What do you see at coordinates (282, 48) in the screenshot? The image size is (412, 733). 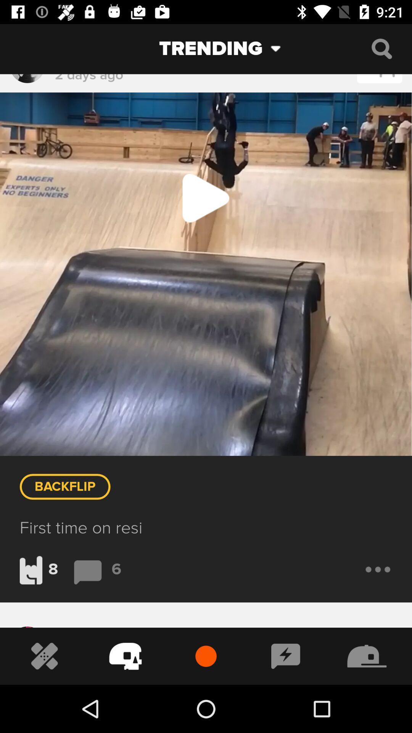 I see `the expand_more icon` at bounding box center [282, 48].